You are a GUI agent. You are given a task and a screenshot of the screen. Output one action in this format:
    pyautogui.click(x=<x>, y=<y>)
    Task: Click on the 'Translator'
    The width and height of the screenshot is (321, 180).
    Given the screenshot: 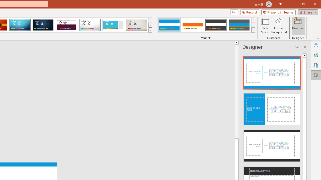 What is the action you would take?
    pyautogui.click(x=316, y=55)
    